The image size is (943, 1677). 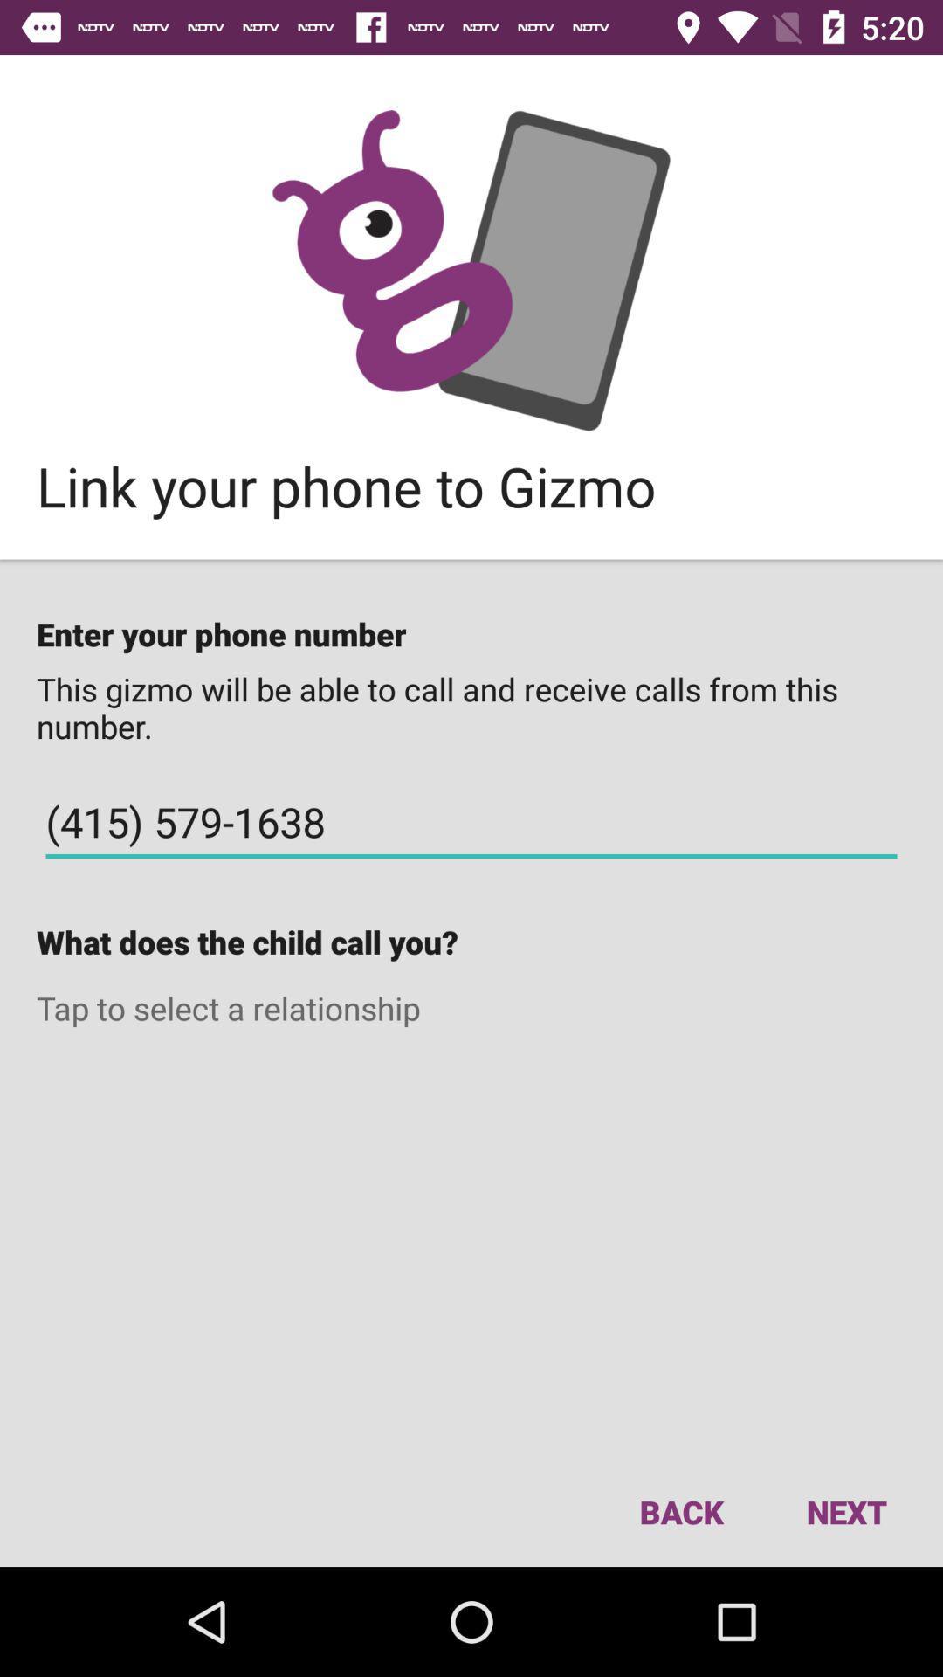 I want to click on the icon below the tap to select, so click(x=845, y=1511).